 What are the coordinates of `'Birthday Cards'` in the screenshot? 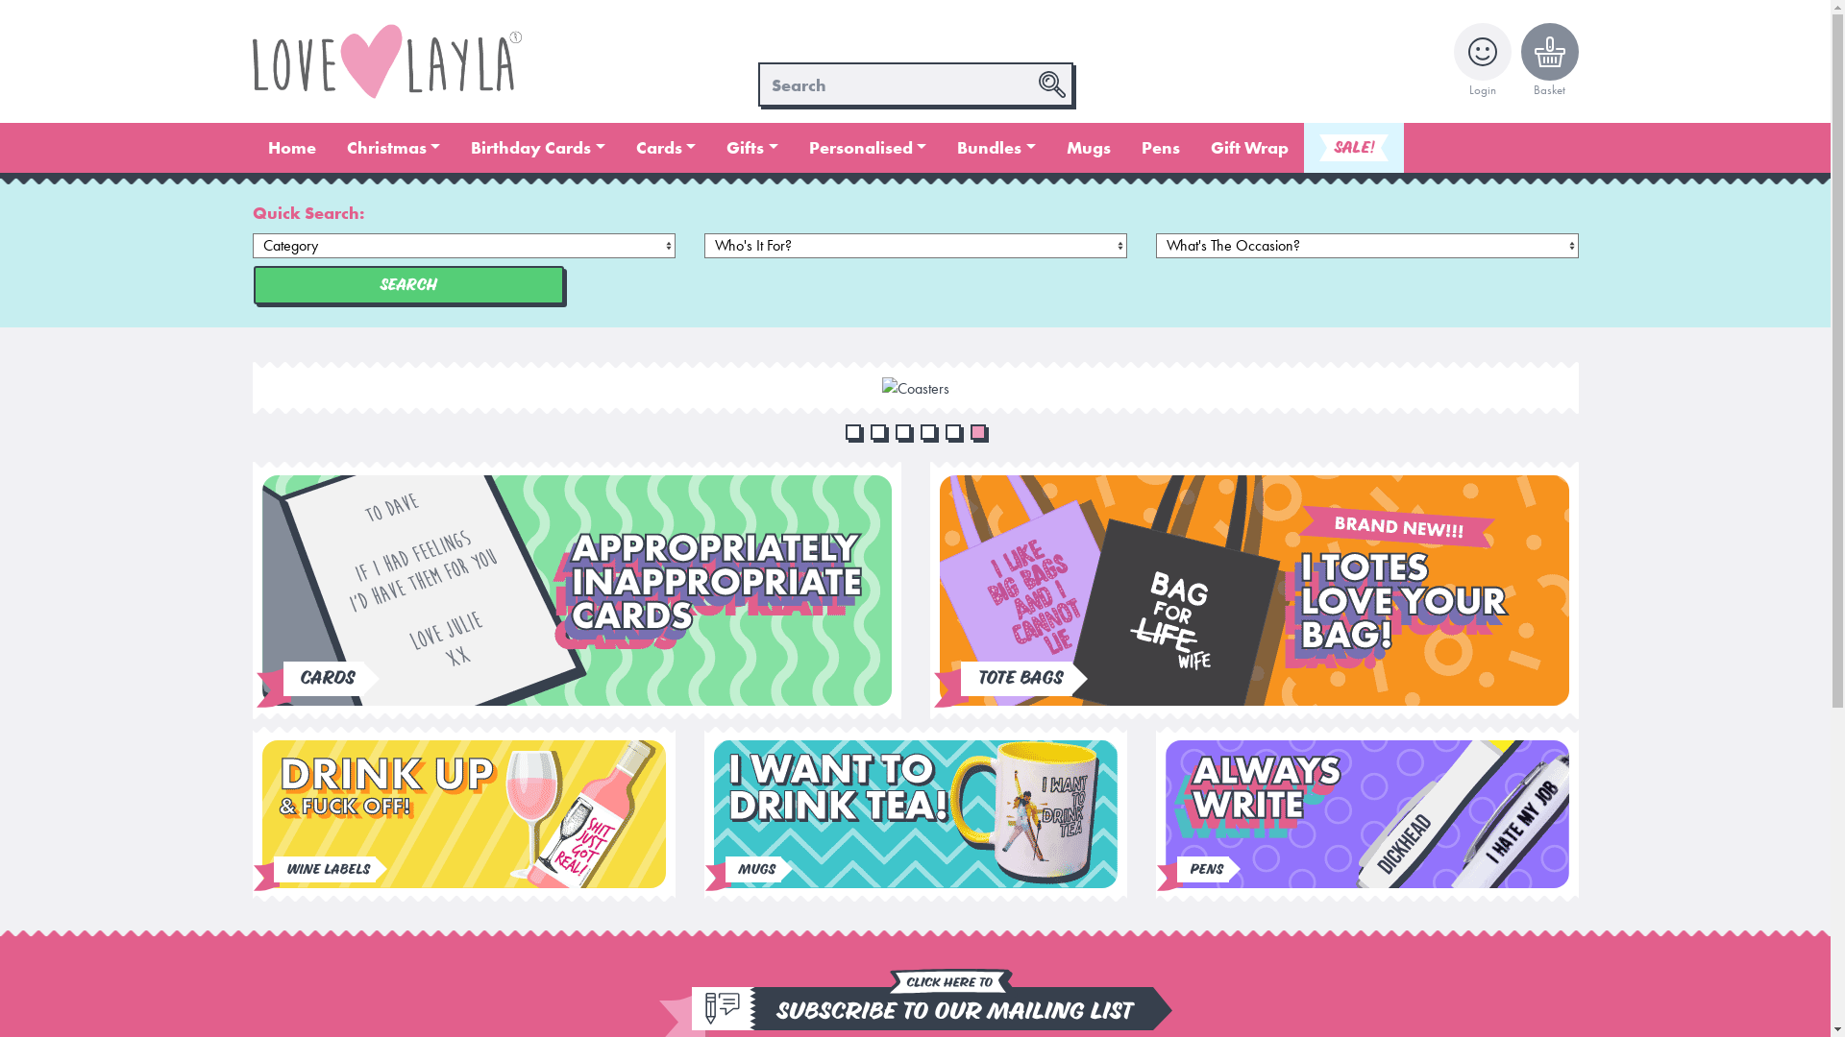 It's located at (538, 147).